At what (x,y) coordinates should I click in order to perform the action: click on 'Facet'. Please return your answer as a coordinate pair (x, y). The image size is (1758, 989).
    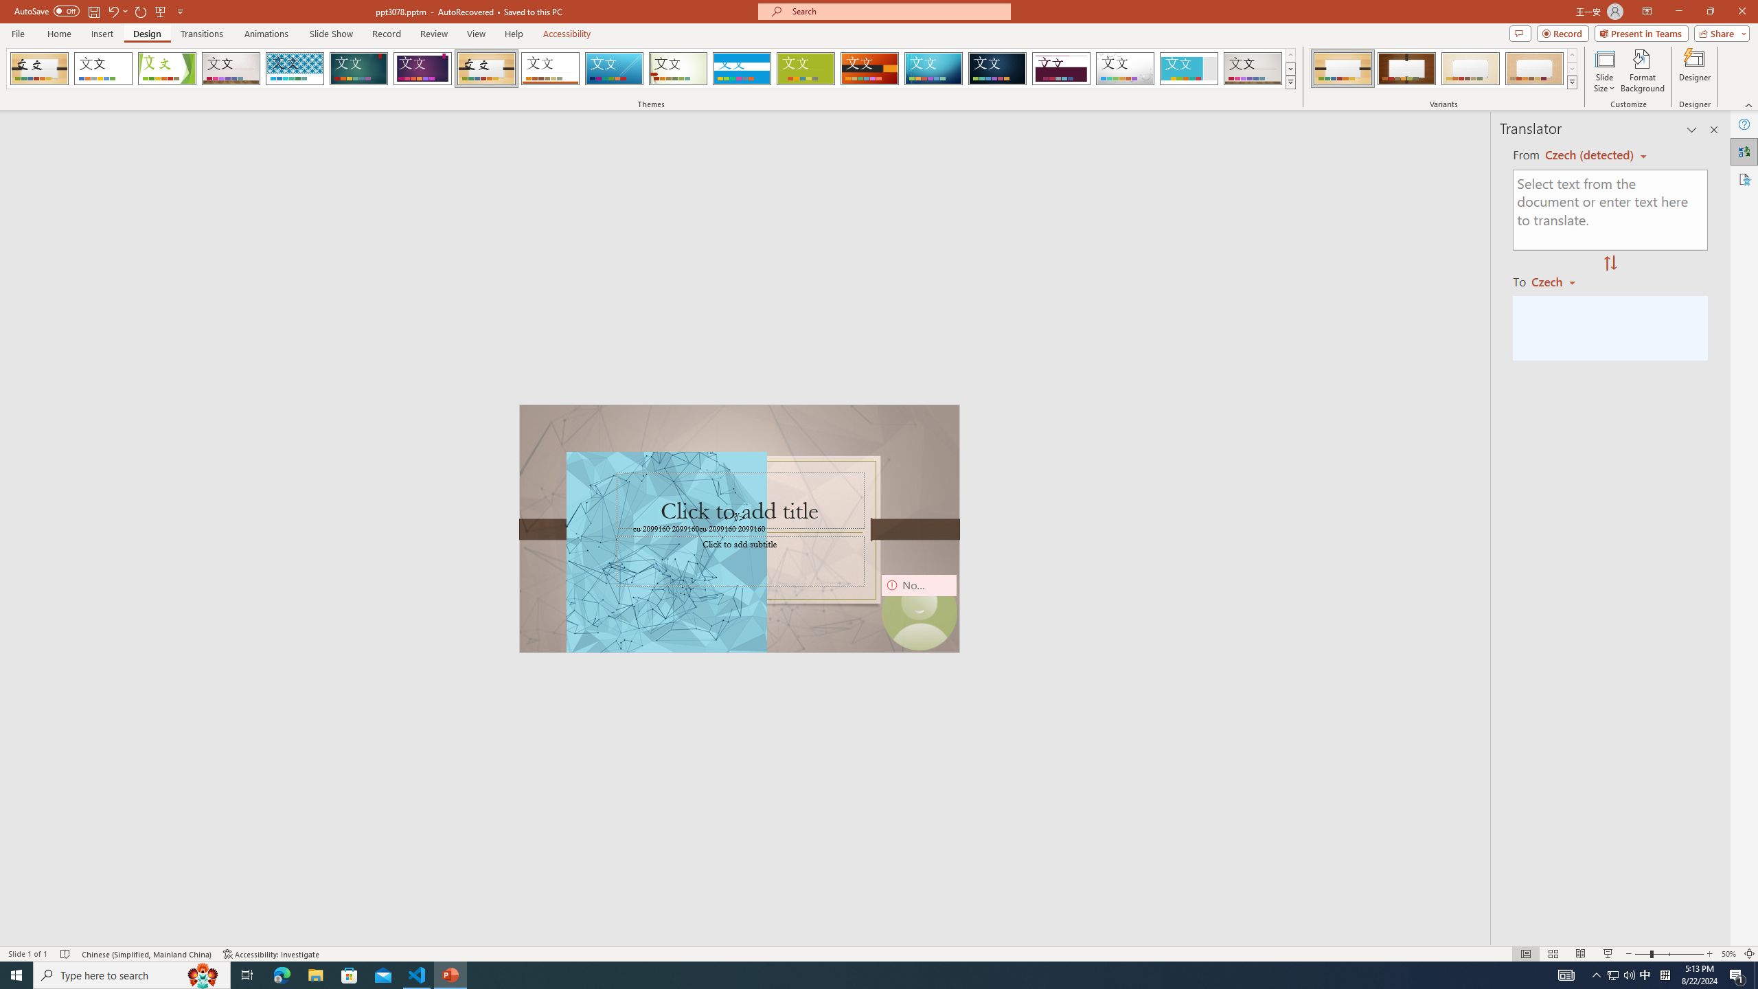
    Looking at the image, I should click on (166, 68).